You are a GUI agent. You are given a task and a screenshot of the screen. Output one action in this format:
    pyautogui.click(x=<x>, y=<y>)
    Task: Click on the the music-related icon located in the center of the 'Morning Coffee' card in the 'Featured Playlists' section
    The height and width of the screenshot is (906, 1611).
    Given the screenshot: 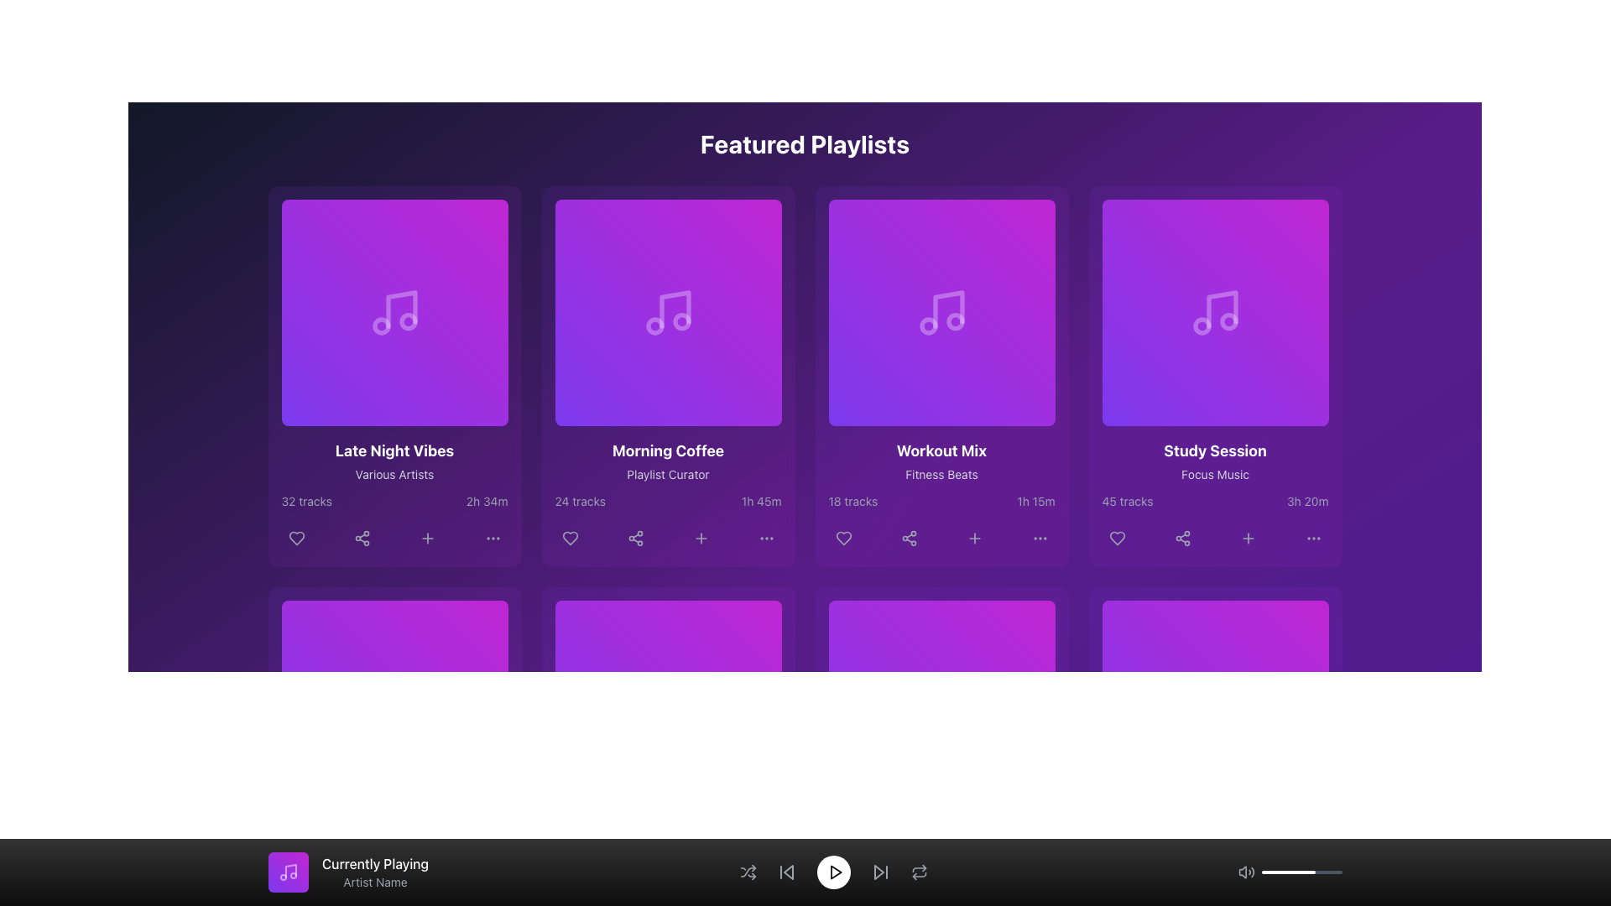 What is the action you would take?
    pyautogui.click(x=667, y=313)
    